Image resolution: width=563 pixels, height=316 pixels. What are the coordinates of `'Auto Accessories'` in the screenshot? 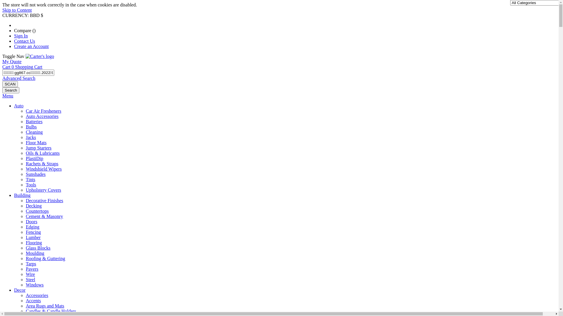 It's located at (42, 116).